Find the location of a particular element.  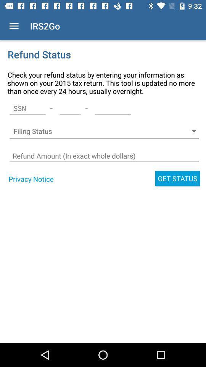

the icon to the right of the - icon is located at coordinates (70, 108).